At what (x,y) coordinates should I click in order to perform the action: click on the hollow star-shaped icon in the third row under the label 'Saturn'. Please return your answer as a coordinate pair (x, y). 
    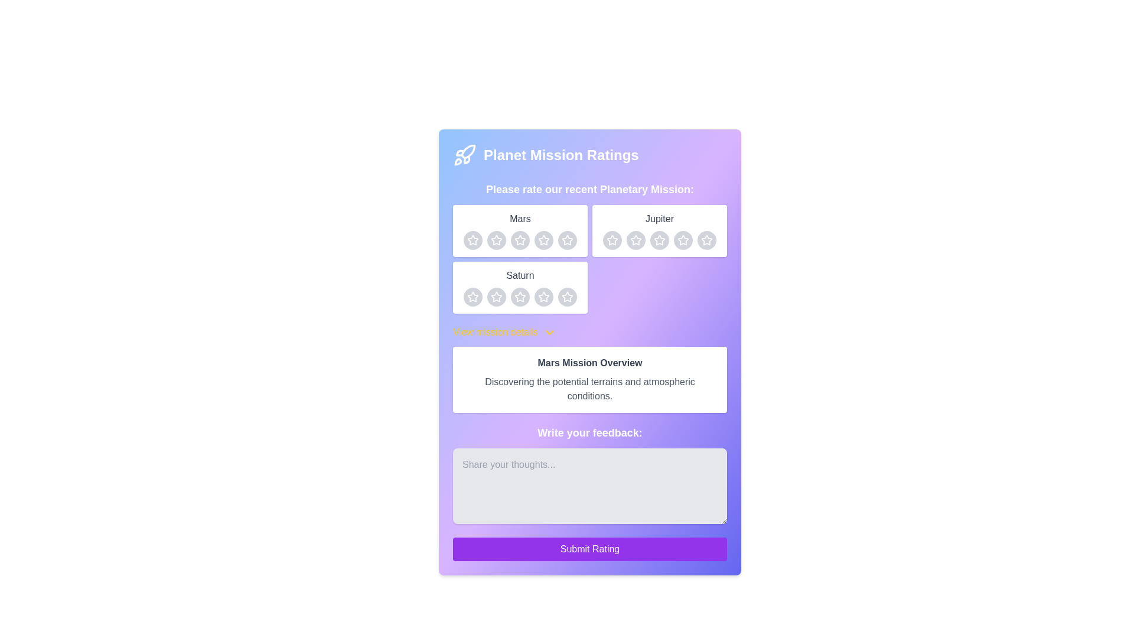
    Looking at the image, I should click on (473, 296).